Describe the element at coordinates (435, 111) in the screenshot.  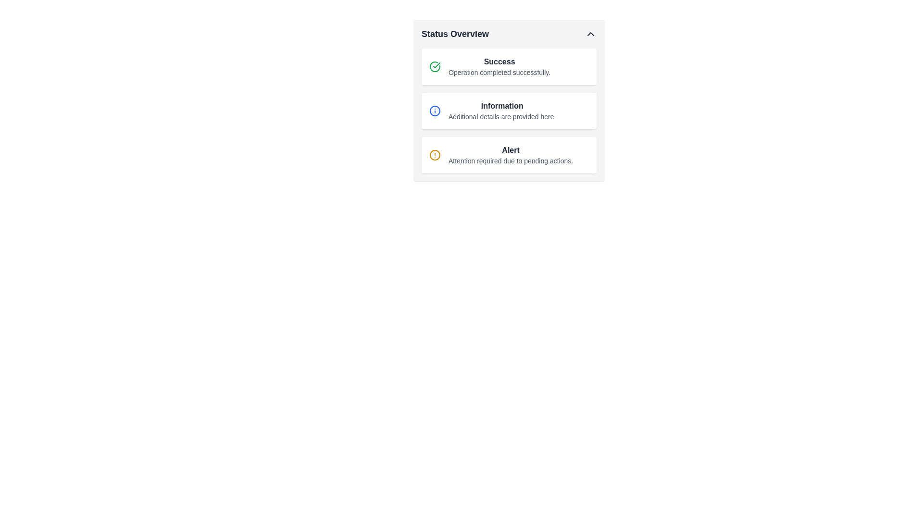
I see `the outer circle of the 'Information' icon, which indicates additional details in the status overview panel, centered horizontally with the text 'Information - Additional details are provided here.'` at that location.